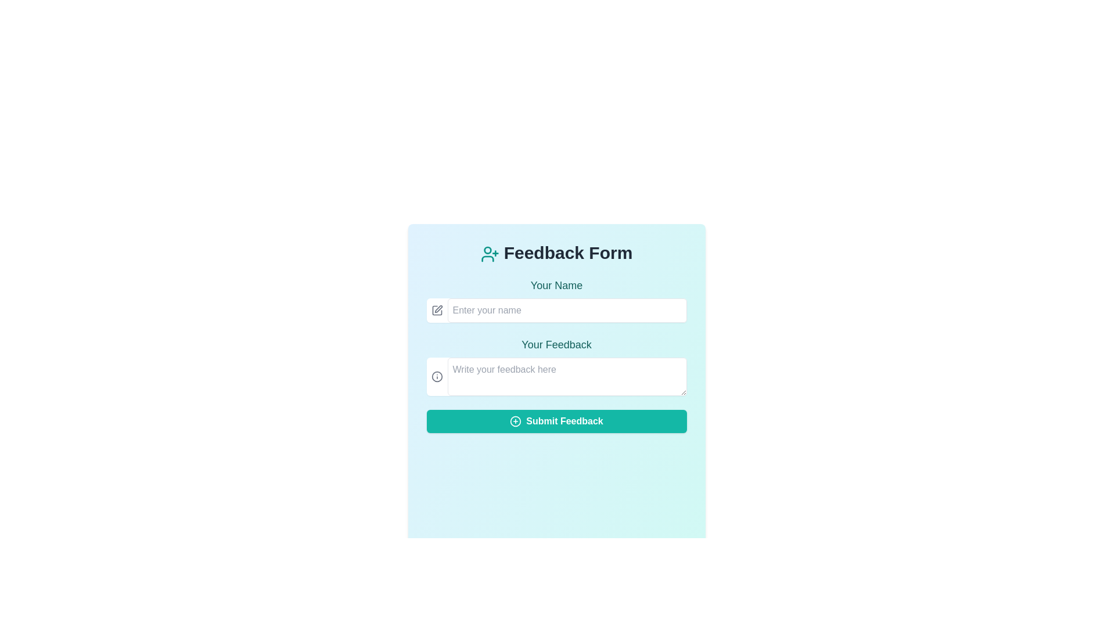 The image size is (1115, 627). I want to click on the input areas of the feedback form located in the center of the modal dialog to focus them, specifically the areas labeled 'Your Name' and 'Your Feedback', so click(556, 355).